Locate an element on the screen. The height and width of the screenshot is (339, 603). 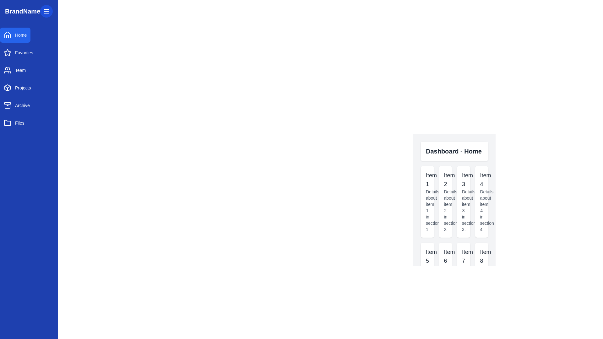
the Team icon in the left sidebar navigation panel is located at coordinates (8, 70).